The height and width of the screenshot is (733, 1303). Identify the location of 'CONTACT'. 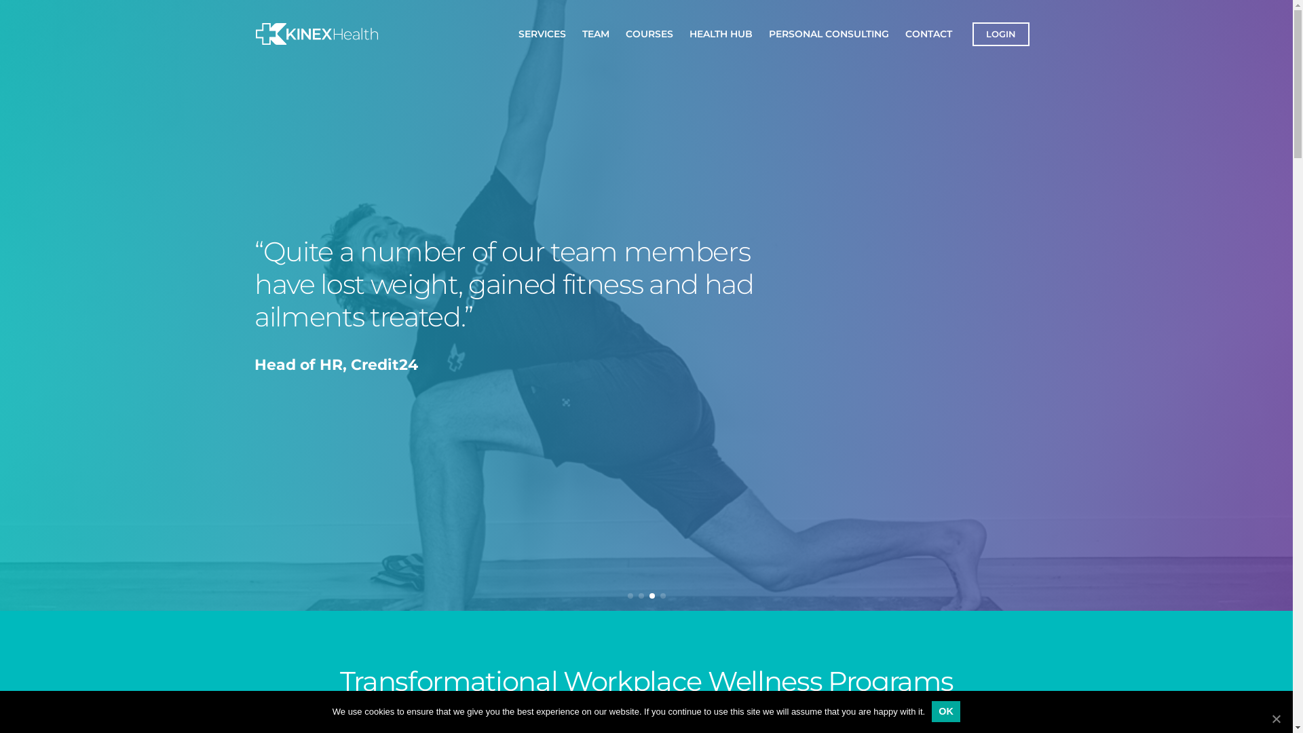
(928, 33).